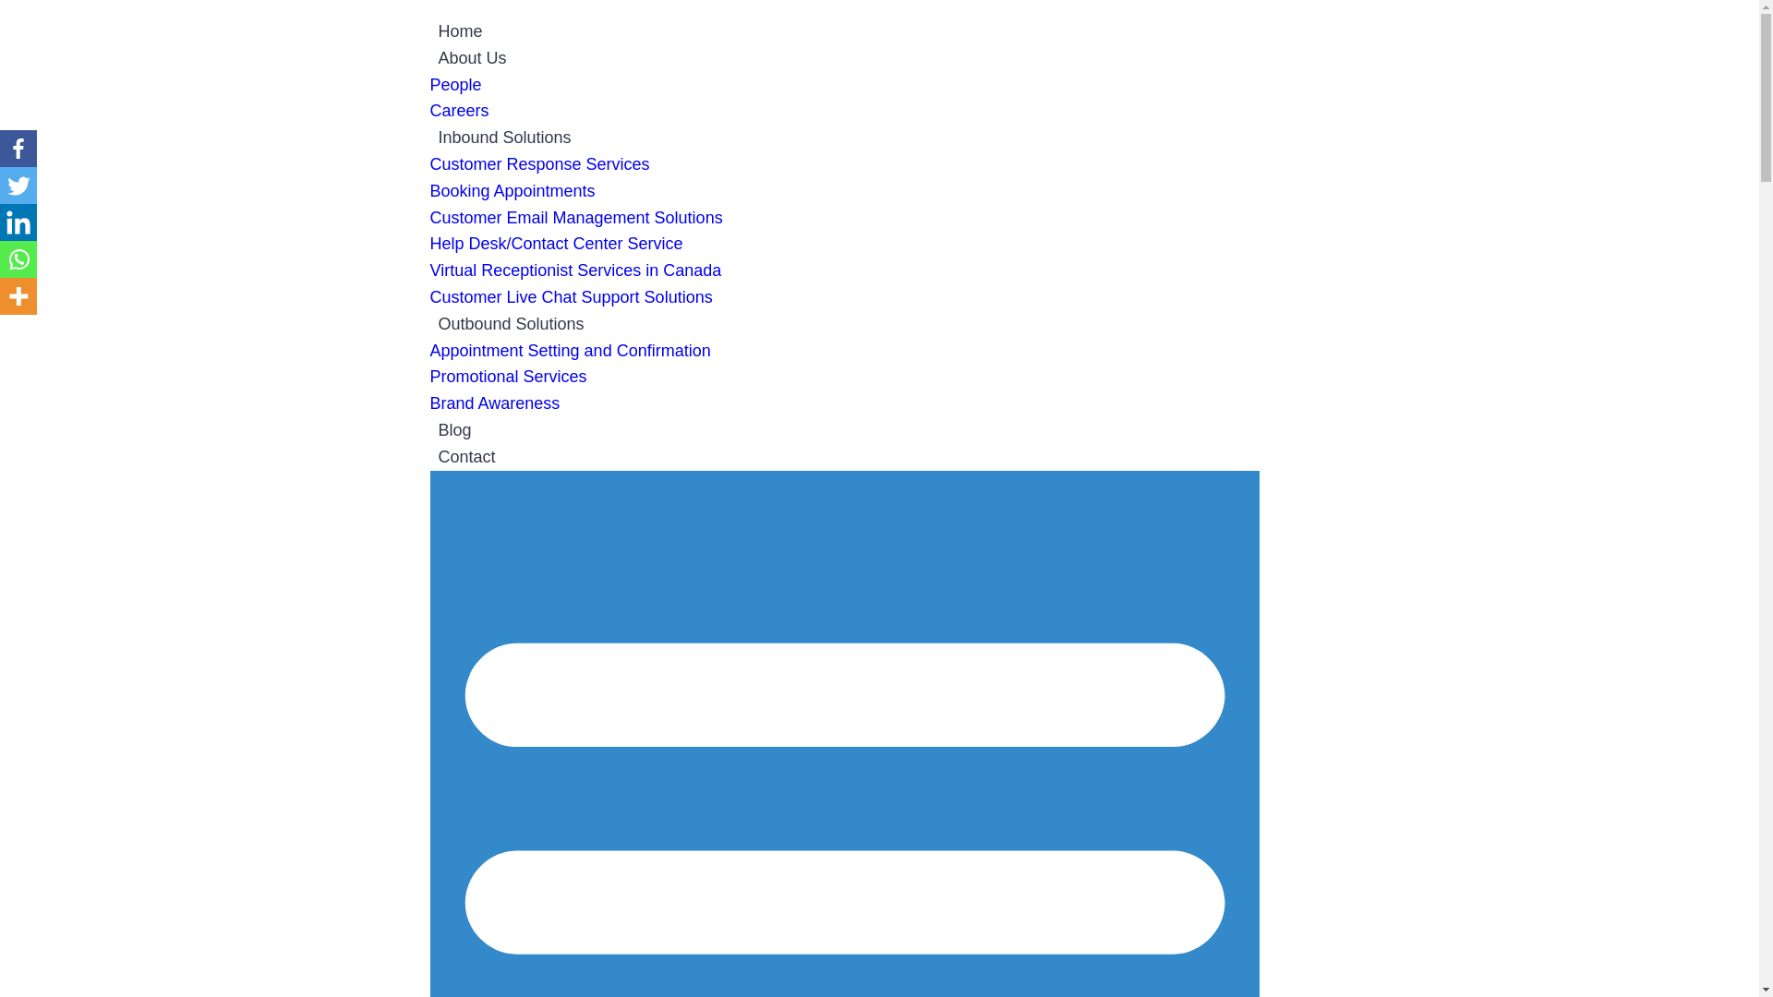 This screenshot has height=997, width=1773. Describe the element at coordinates (575, 216) in the screenshot. I see `'Customer Email Management Solutions'` at that location.